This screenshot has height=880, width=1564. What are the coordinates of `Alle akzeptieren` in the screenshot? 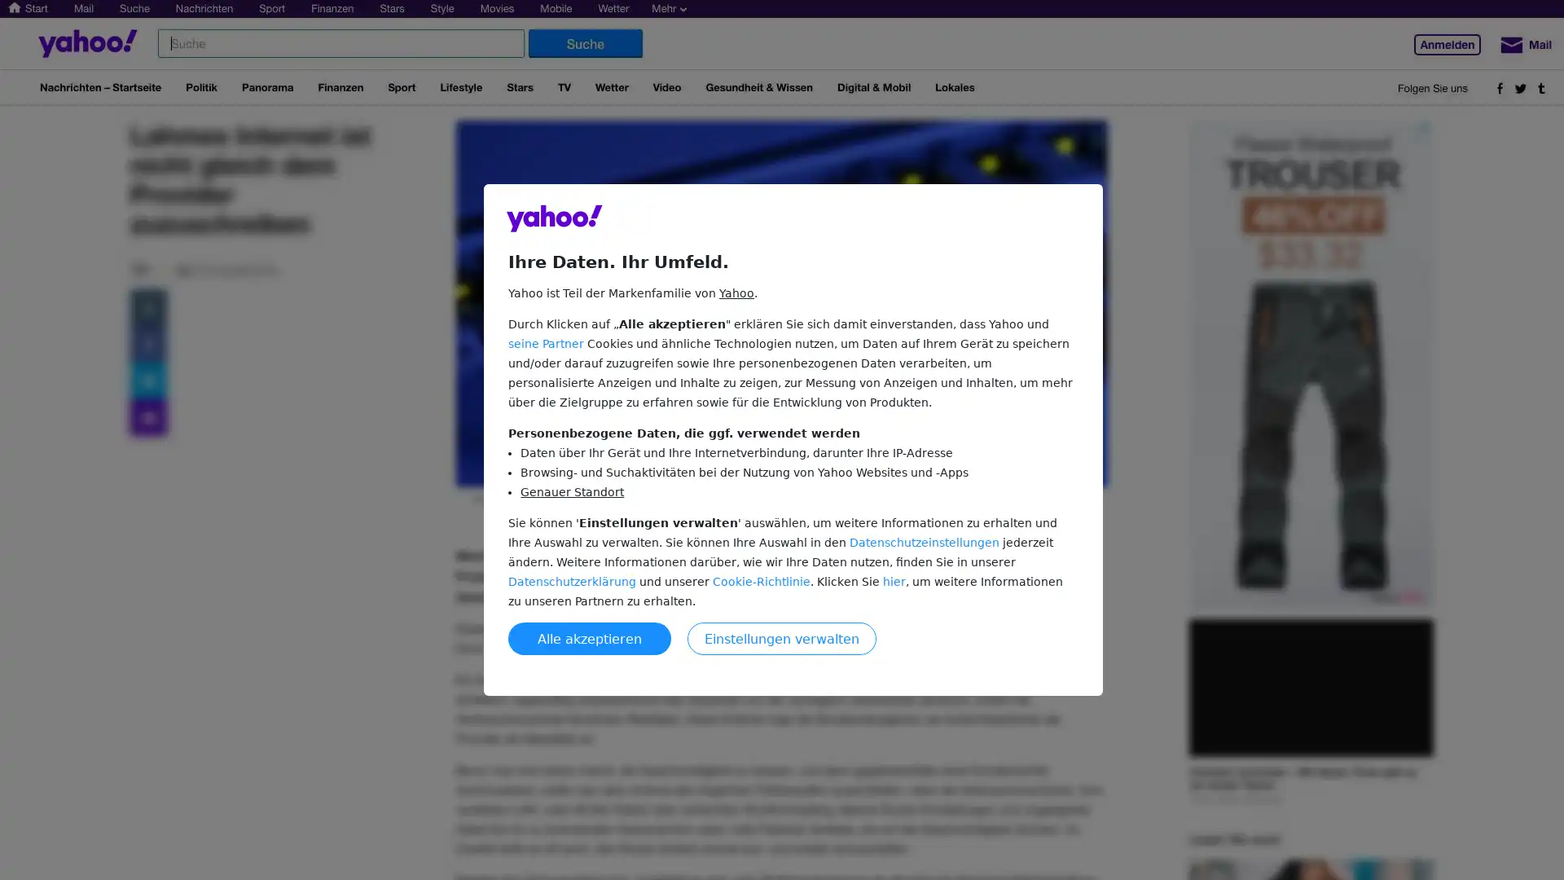 It's located at (589, 637).